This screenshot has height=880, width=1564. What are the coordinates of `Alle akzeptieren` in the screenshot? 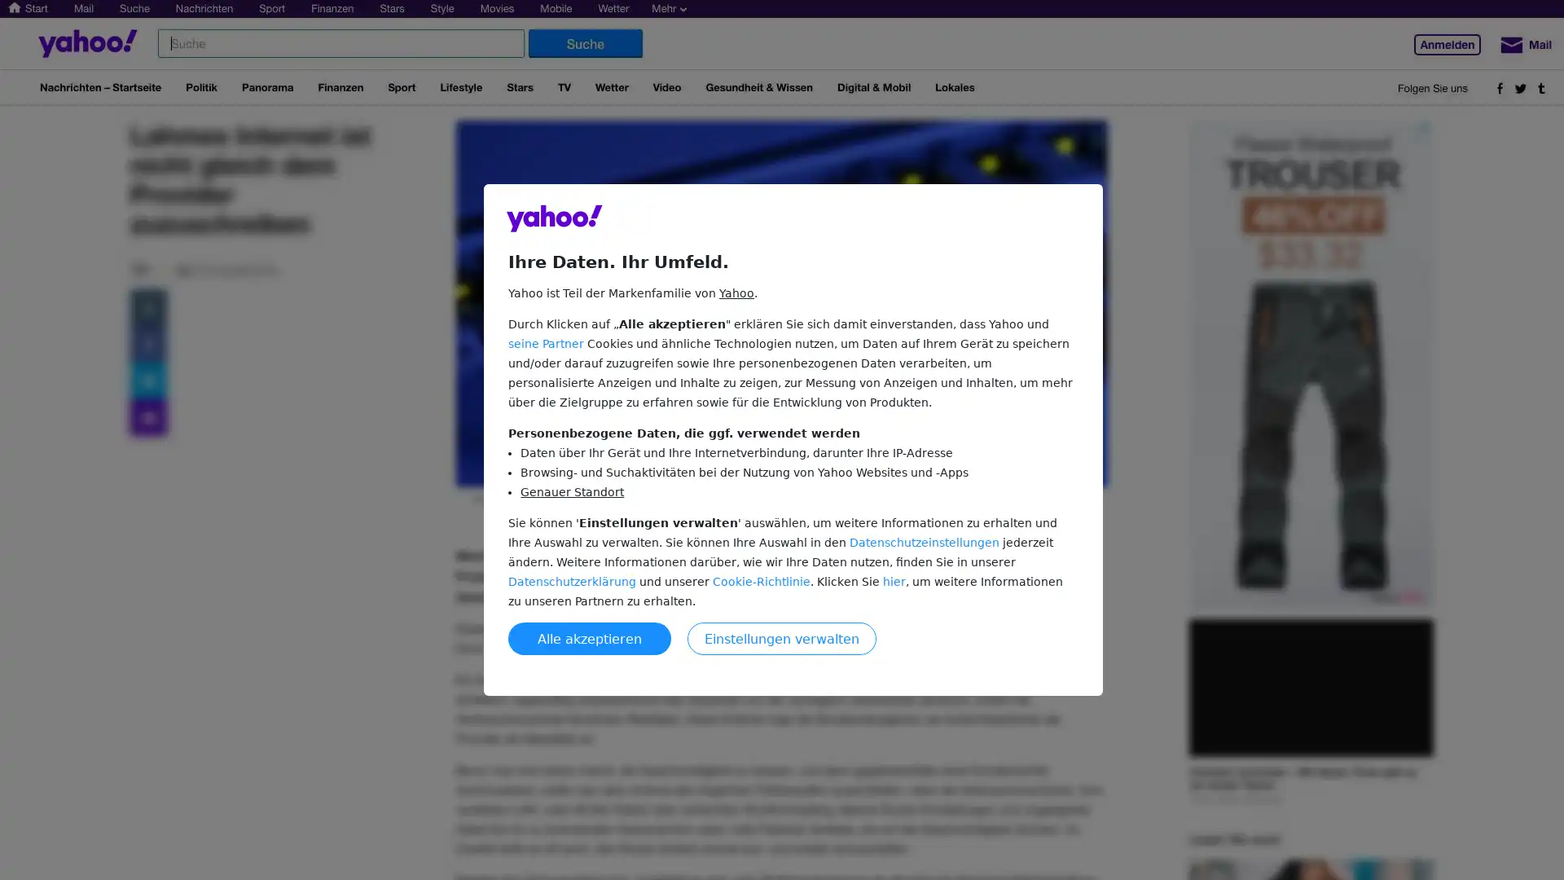 It's located at (589, 637).